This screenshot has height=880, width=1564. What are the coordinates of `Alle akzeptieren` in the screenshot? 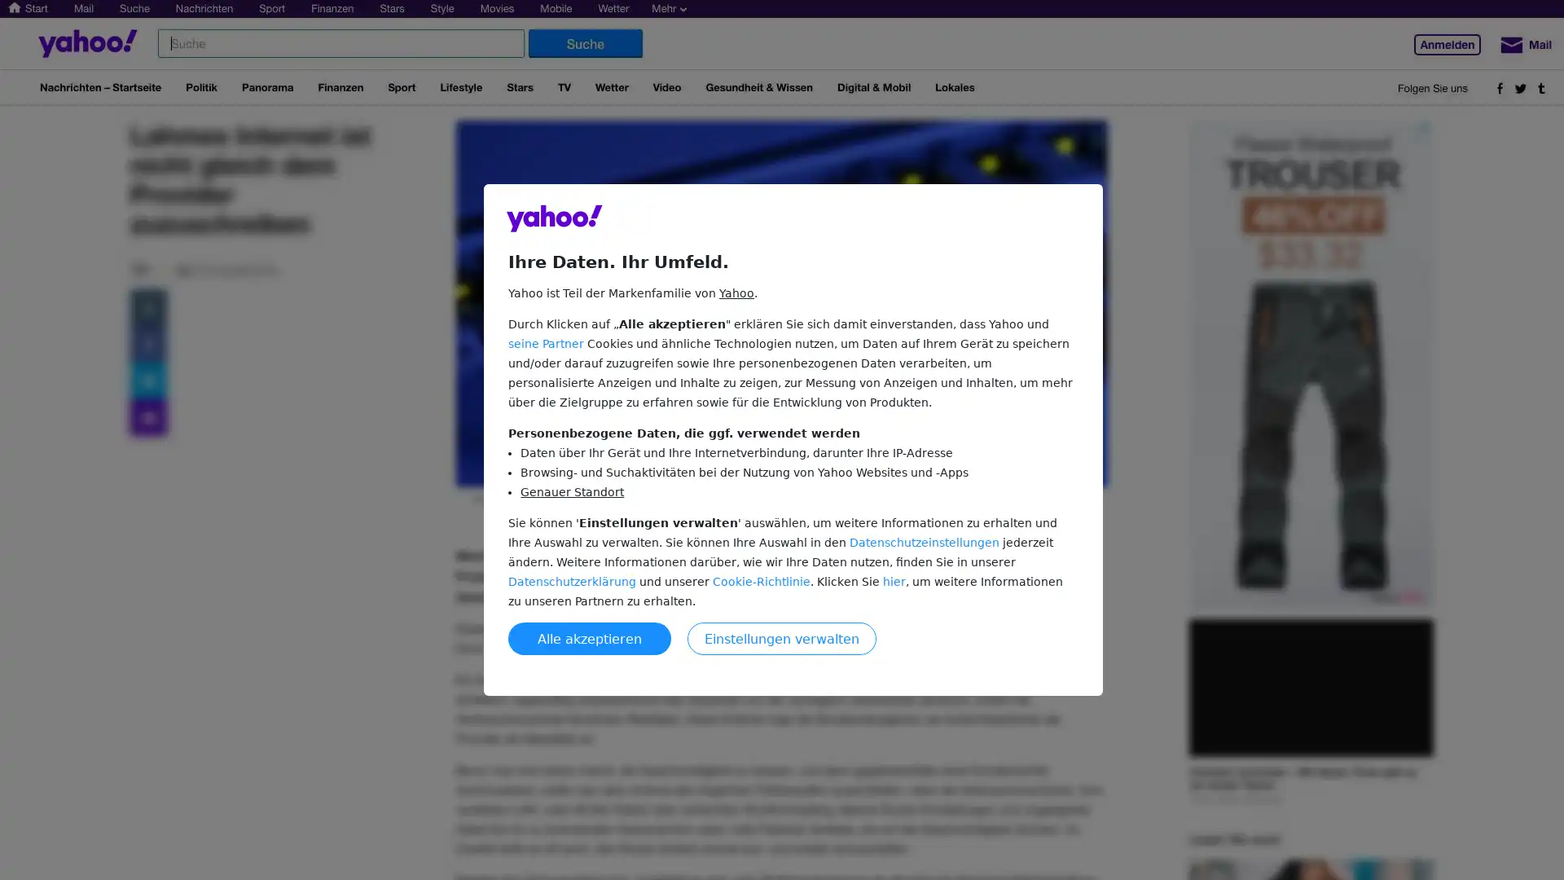 It's located at (589, 637).